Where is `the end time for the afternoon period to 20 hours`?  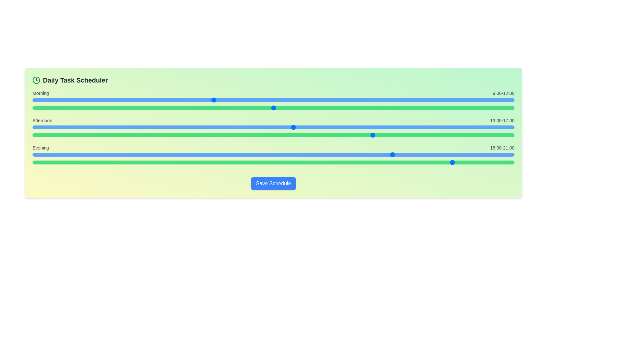 the end time for the afternoon period to 20 hours is located at coordinates (339, 135).